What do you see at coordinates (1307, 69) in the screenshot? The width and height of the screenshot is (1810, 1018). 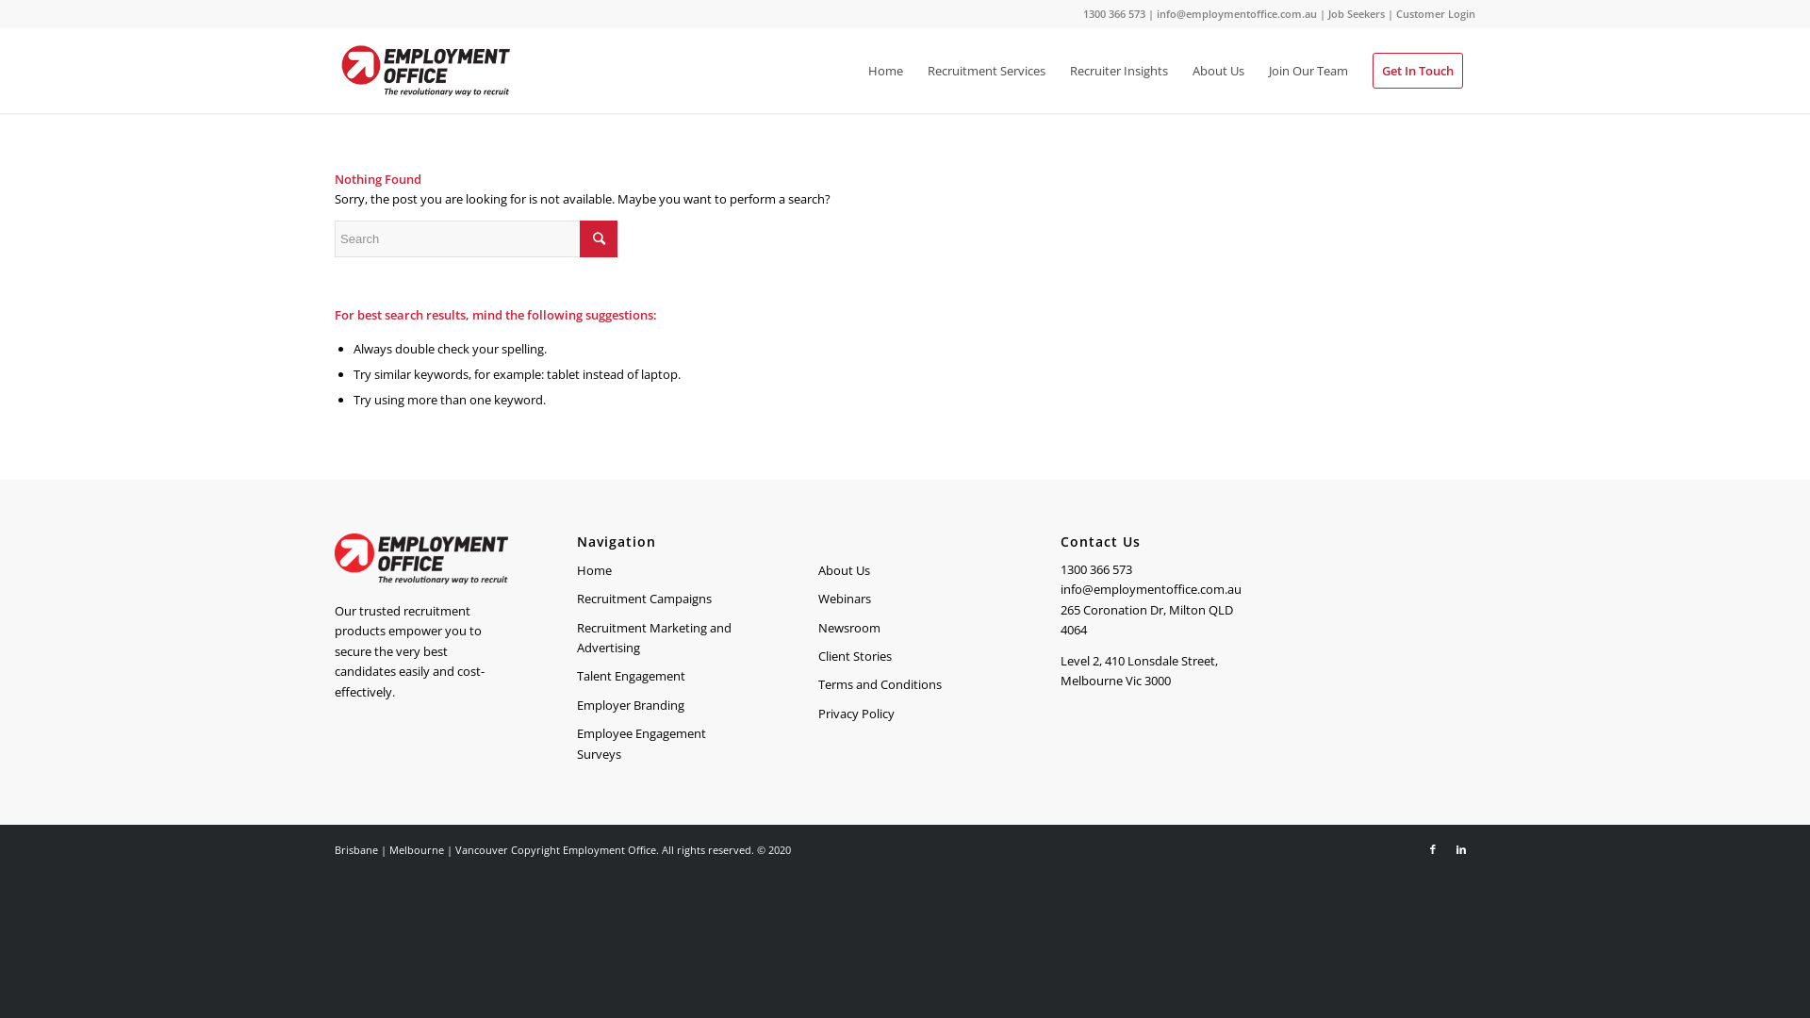 I see `'Join Our Team'` at bounding box center [1307, 69].